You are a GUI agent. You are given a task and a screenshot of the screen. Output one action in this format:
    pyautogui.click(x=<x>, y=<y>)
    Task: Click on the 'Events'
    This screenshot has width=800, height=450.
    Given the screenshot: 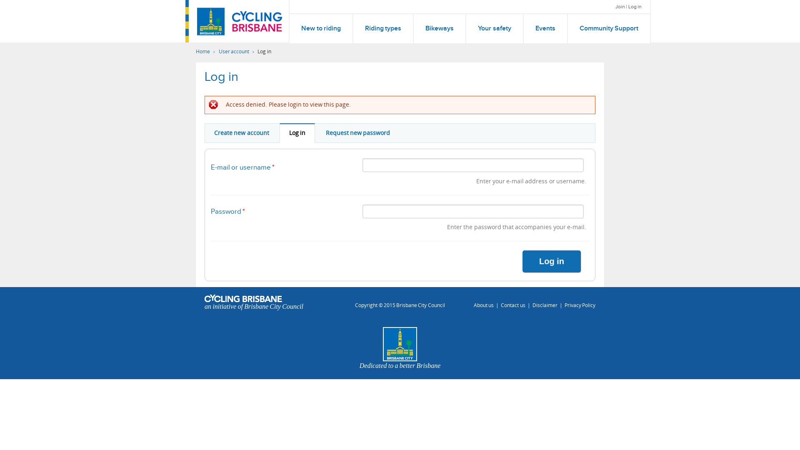 What is the action you would take?
    pyautogui.click(x=545, y=28)
    